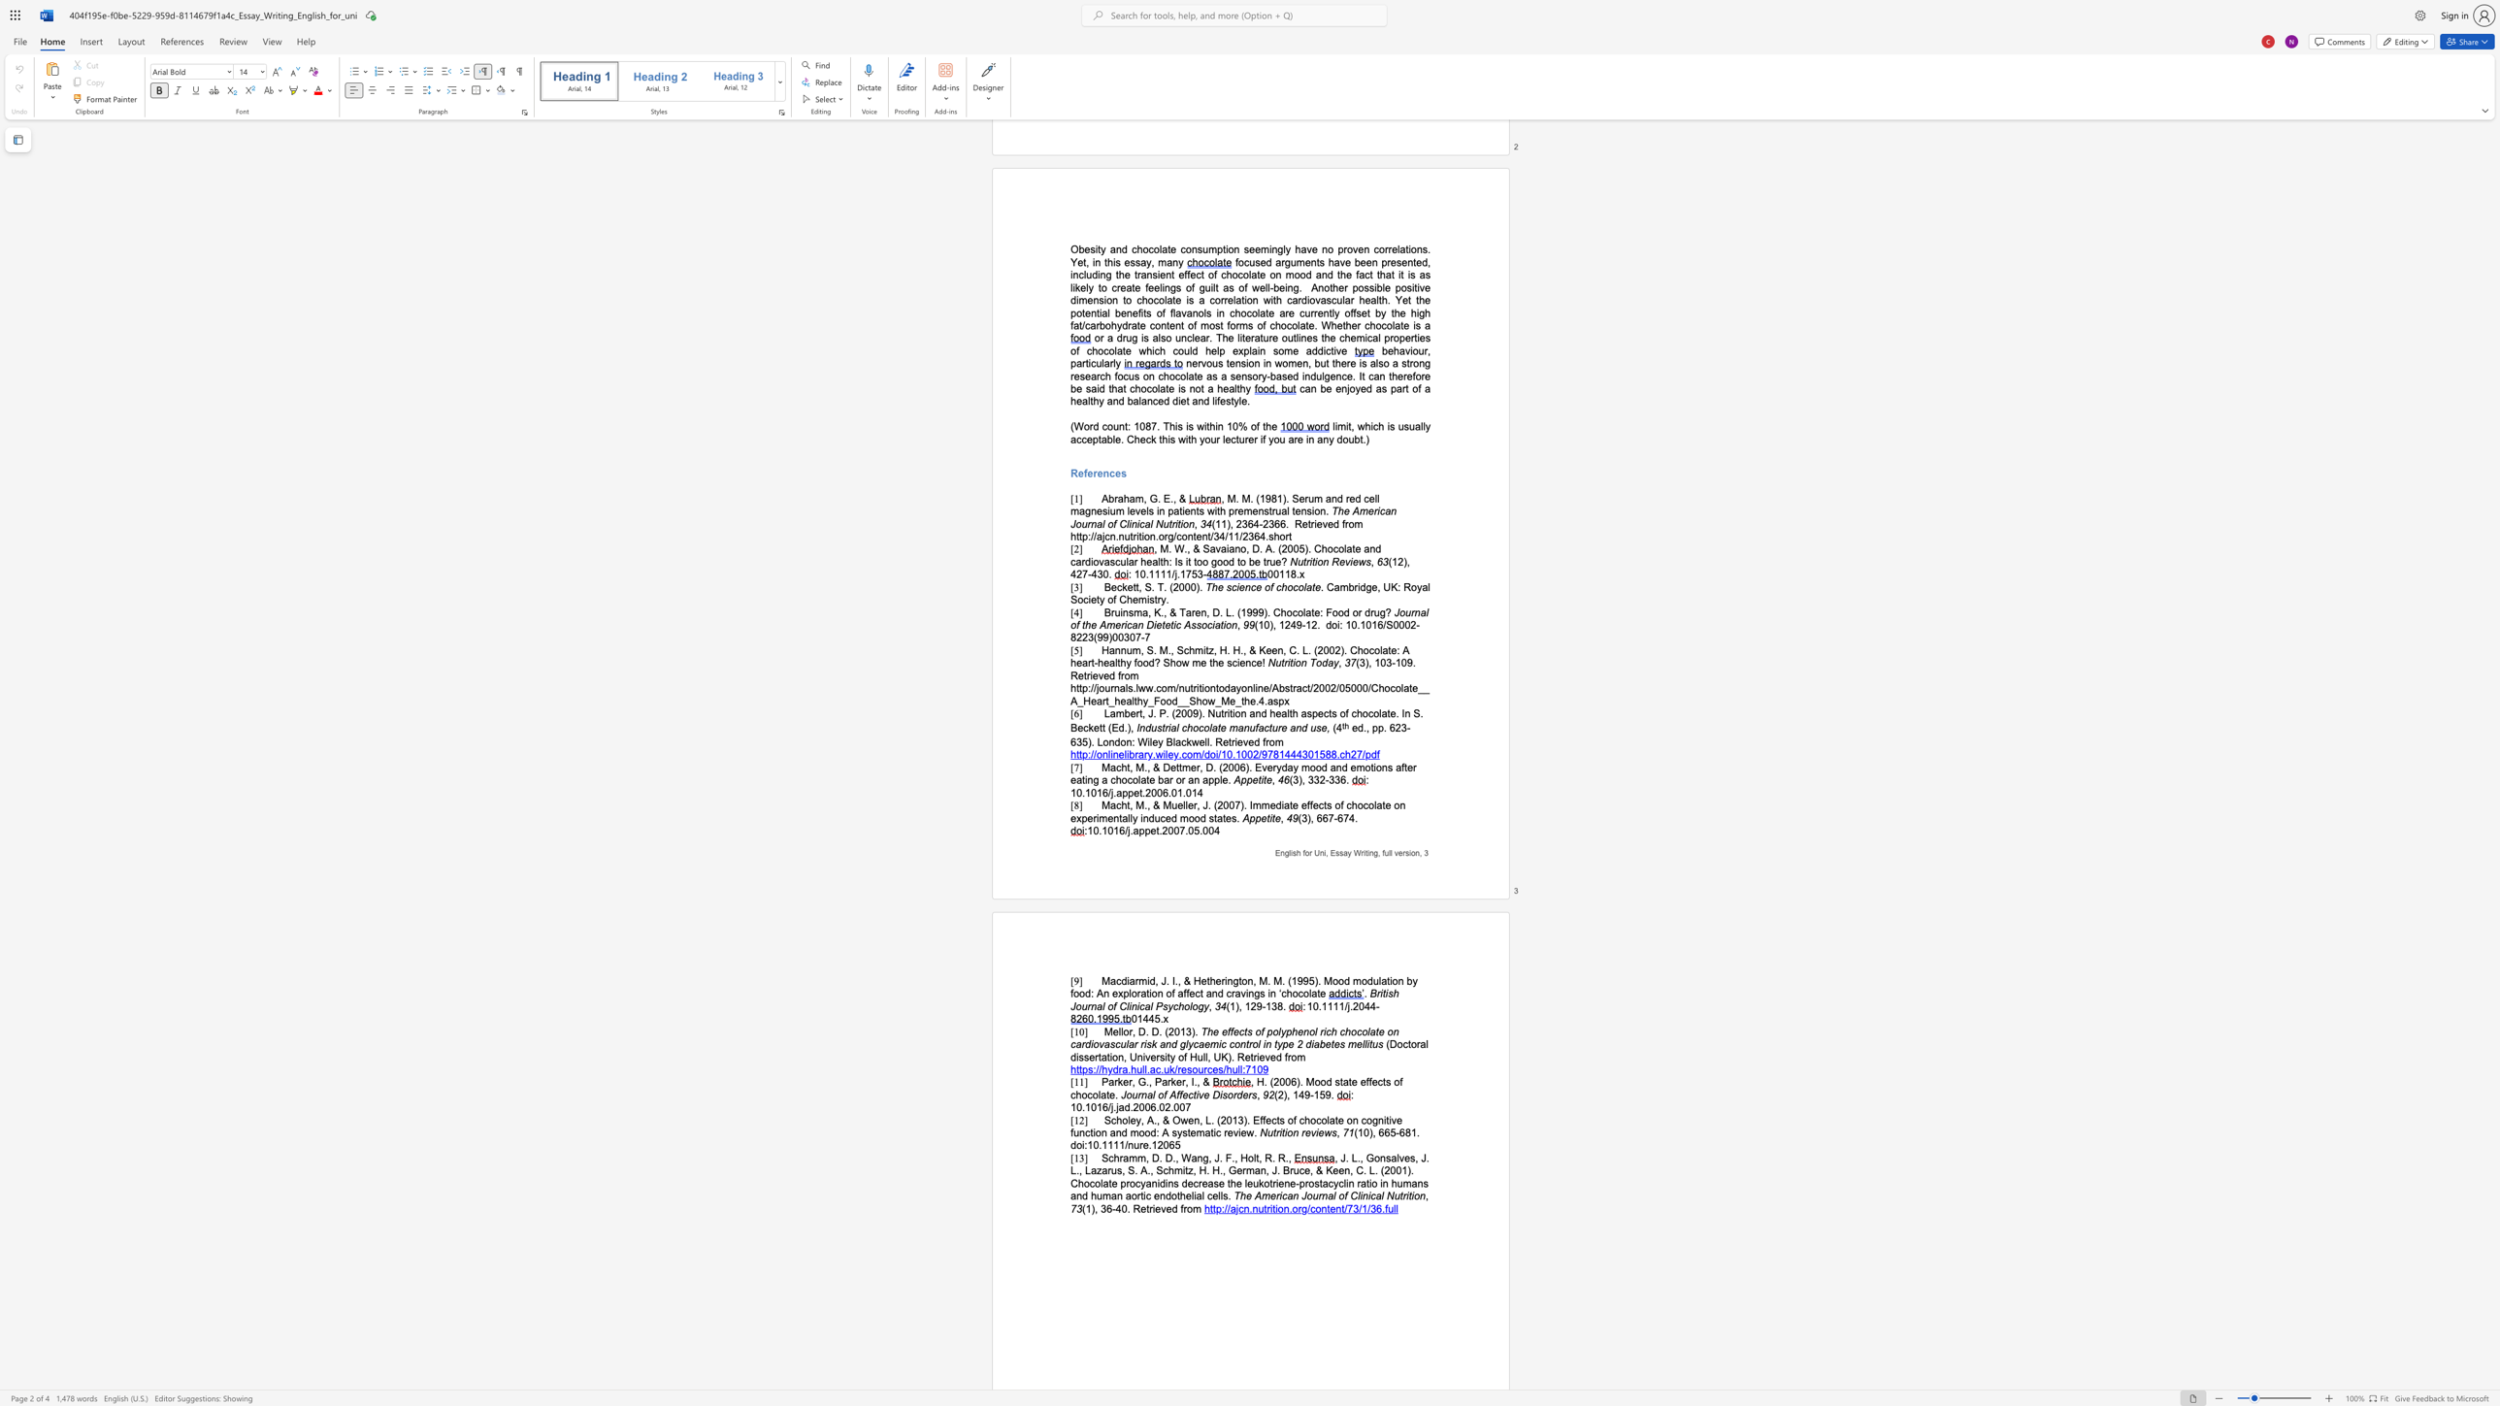  What do you see at coordinates (1131, 1081) in the screenshot?
I see `the subset text ", G., Parker" within the text "Parker, G., Parker, I., &"` at bounding box center [1131, 1081].